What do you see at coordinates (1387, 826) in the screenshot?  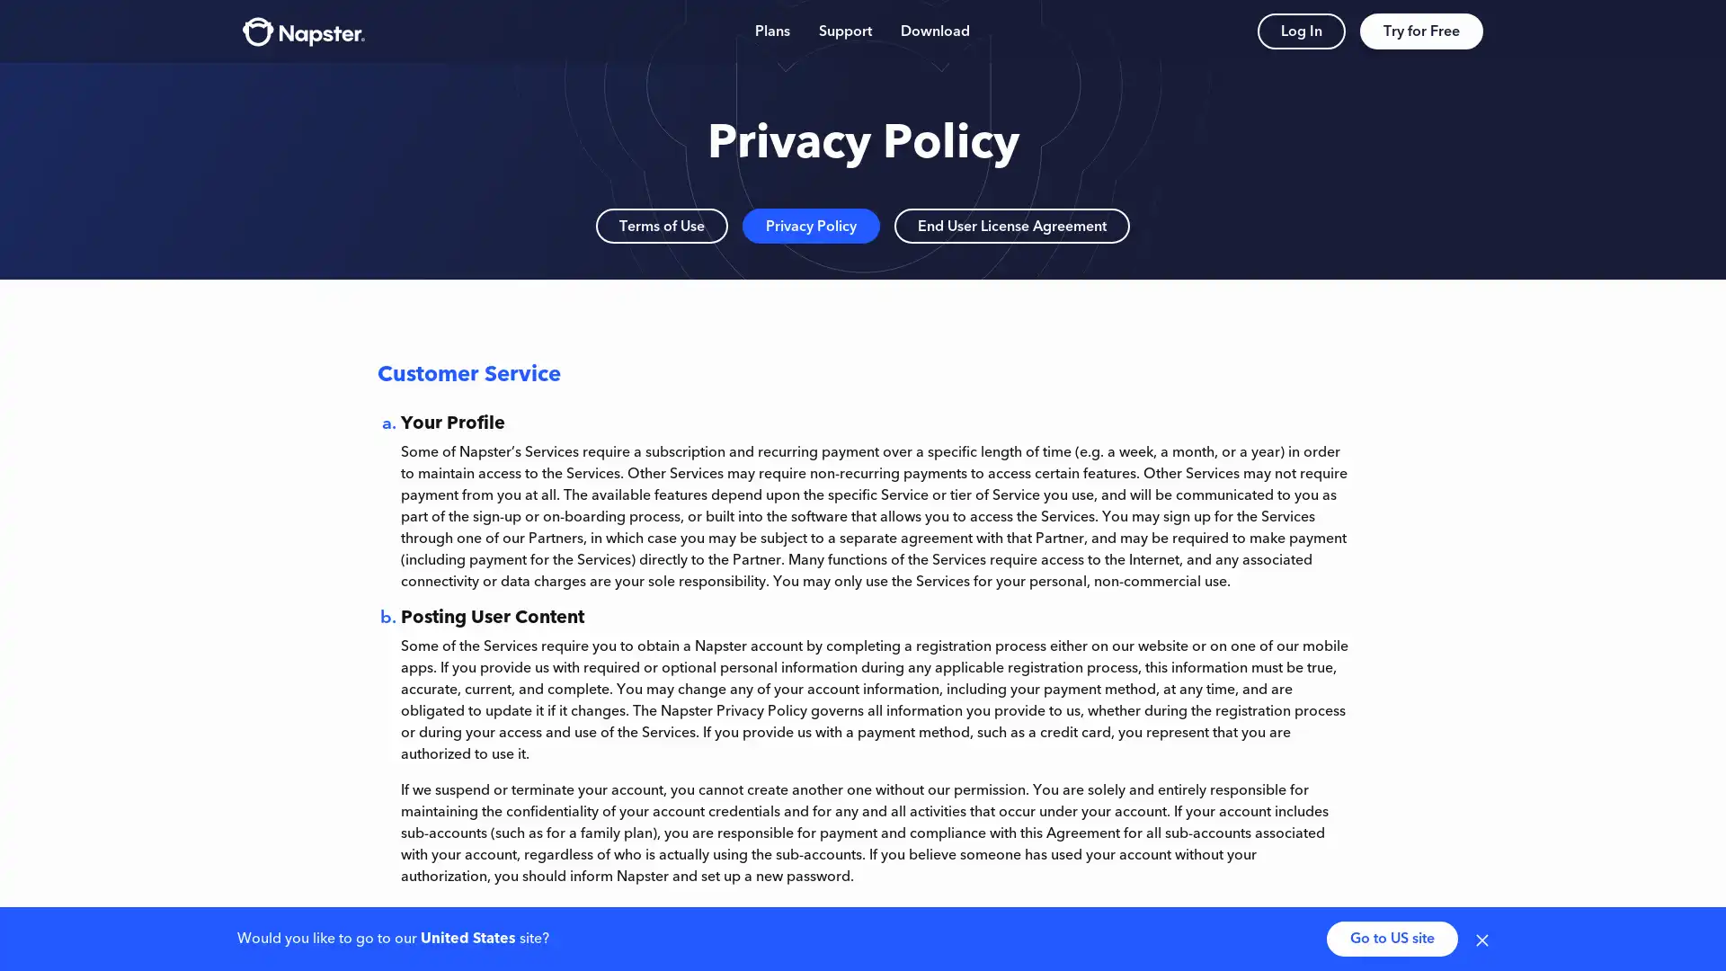 I see `Reject` at bounding box center [1387, 826].